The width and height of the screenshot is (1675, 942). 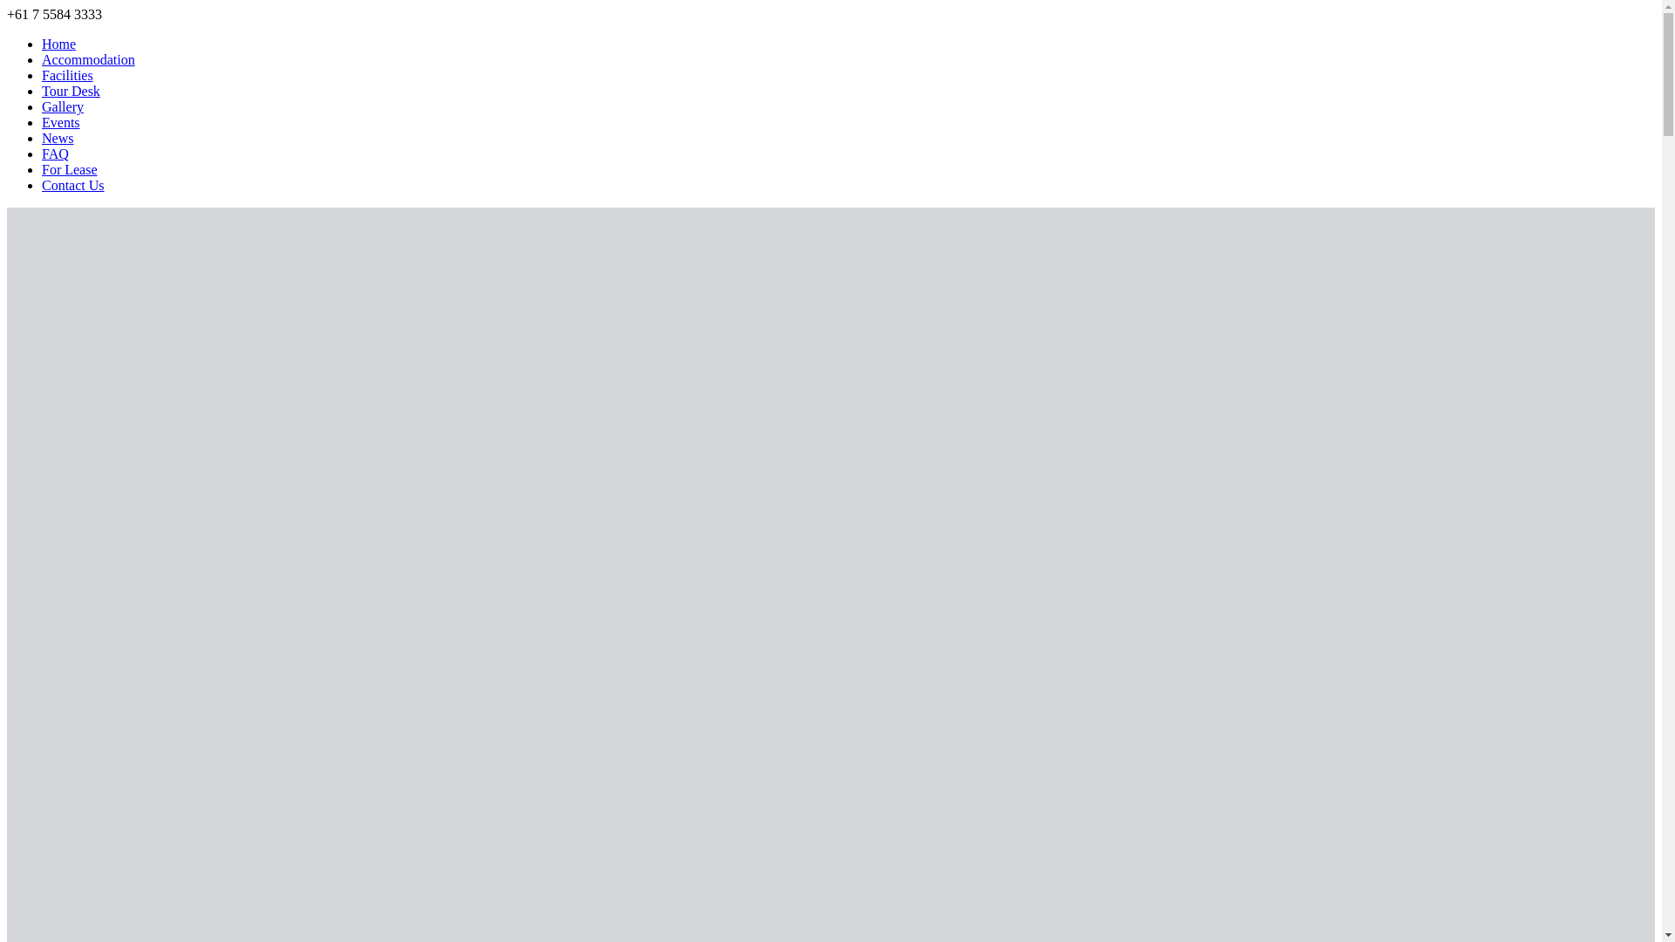 What do you see at coordinates (61, 121) in the screenshot?
I see `'Events'` at bounding box center [61, 121].